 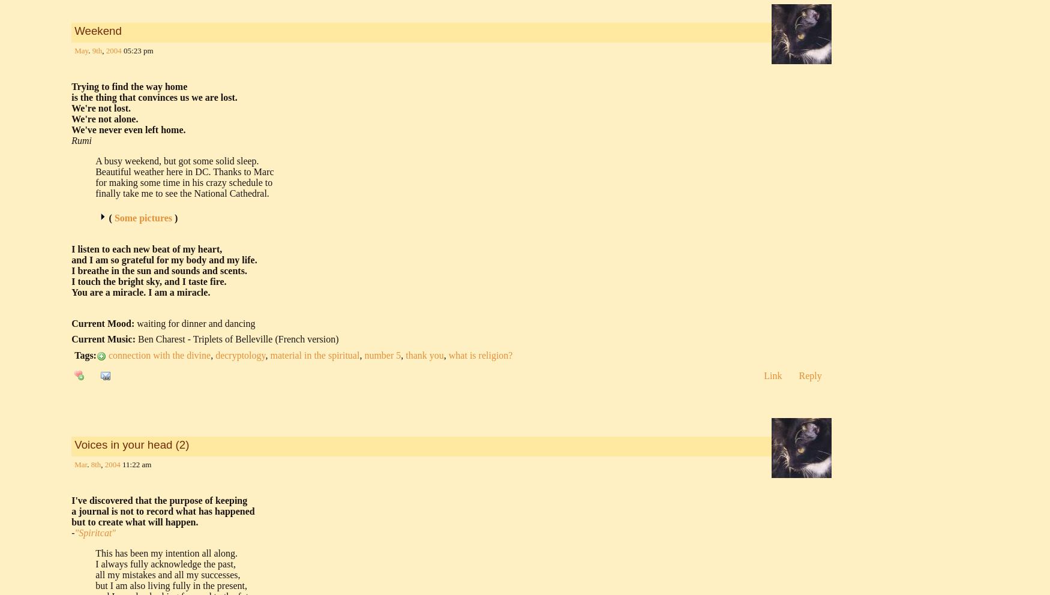 What do you see at coordinates (94, 532) in the screenshot?
I see `'"Spiritcat"'` at bounding box center [94, 532].